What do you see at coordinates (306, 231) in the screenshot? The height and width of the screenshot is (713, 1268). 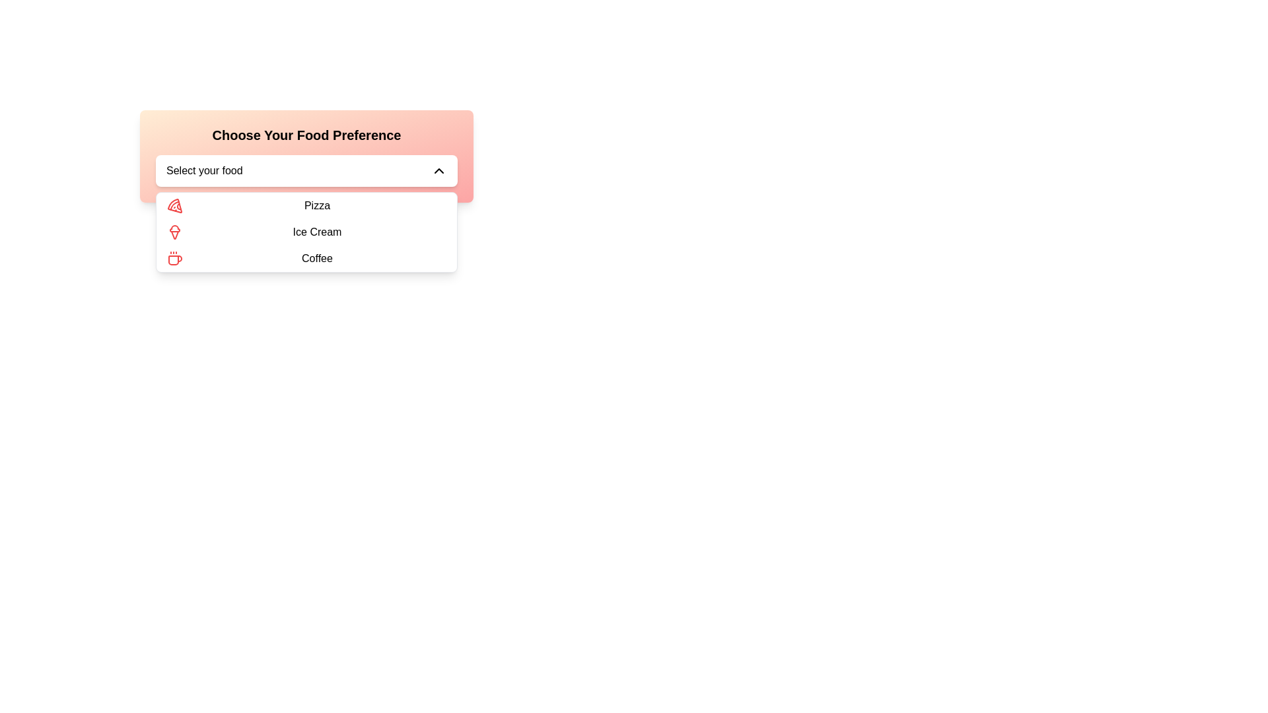 I see `the 'Ice Cream' option in the dropdown menu that appears beneath the 'Select your food' button` at bounding box center [306, 231].